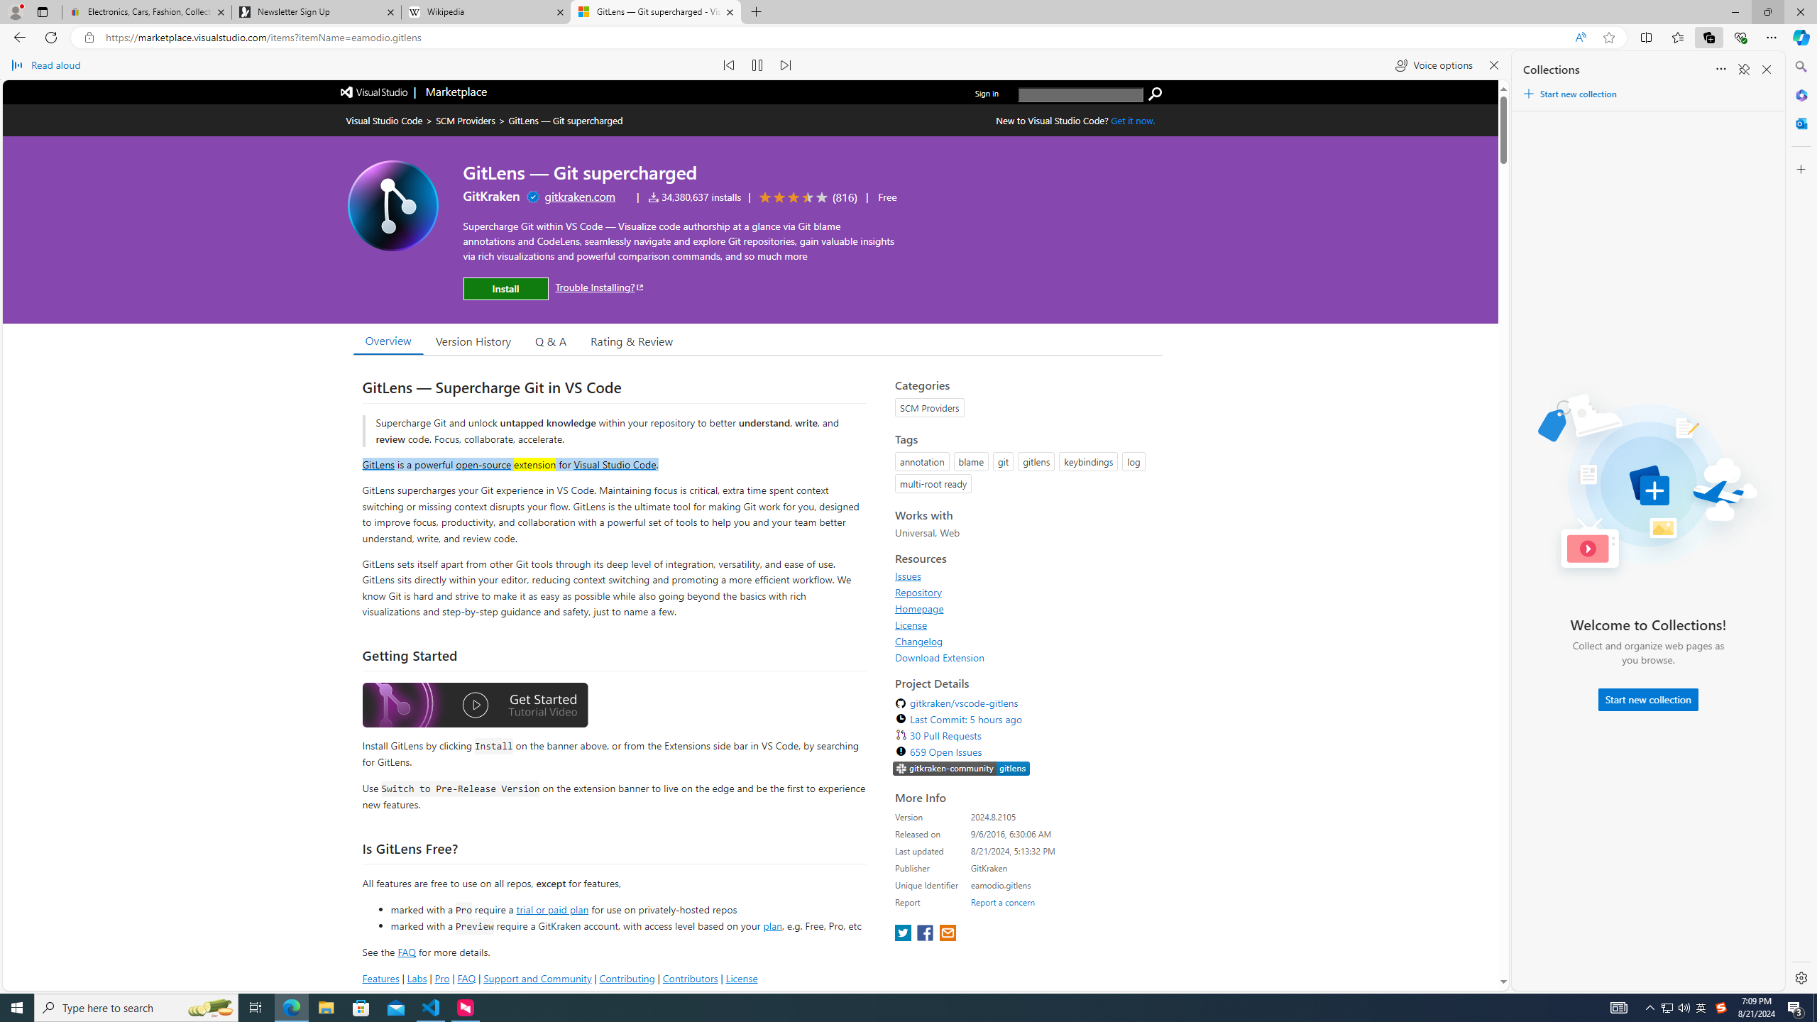  Describe the element at coordinates (805, 196) in the screenshot. I see `'Average rating: 3.7 out of 5. Navigate to user reviews.'` at that location.